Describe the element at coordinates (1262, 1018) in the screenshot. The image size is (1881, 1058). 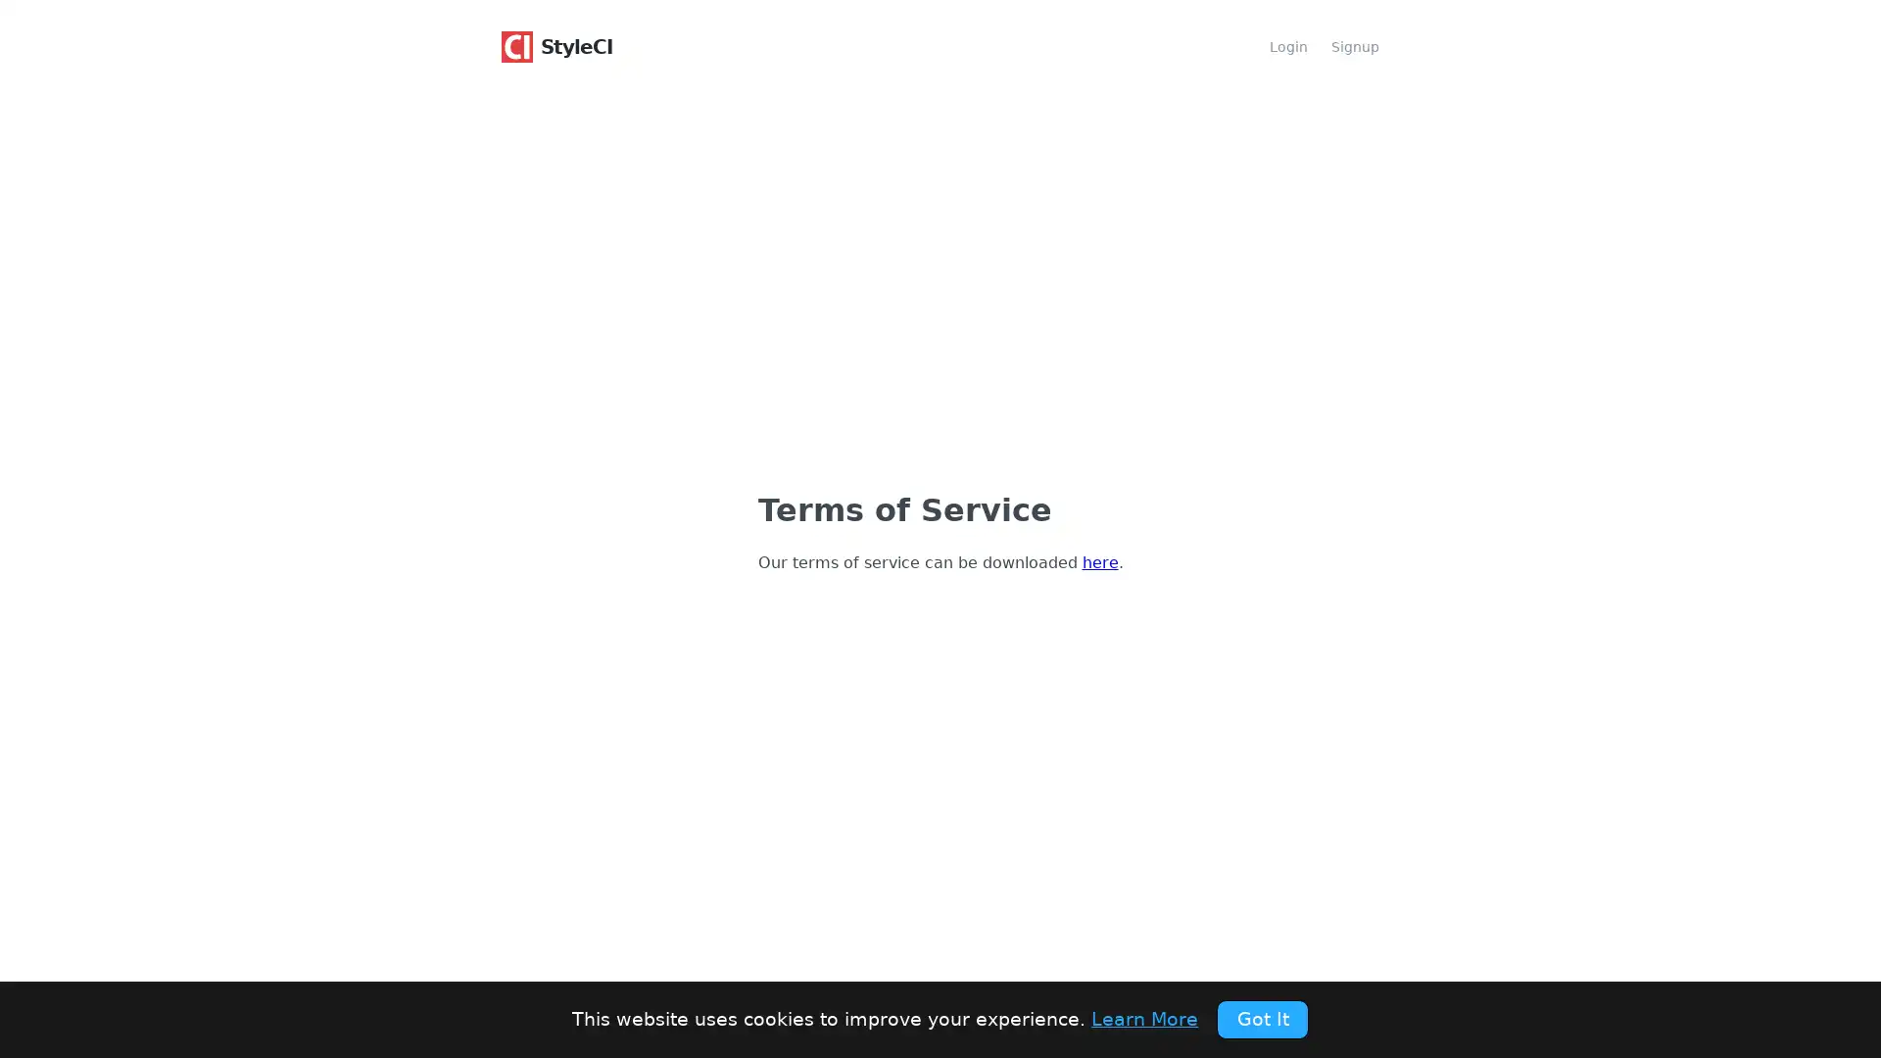
I see `Got It` at that location.